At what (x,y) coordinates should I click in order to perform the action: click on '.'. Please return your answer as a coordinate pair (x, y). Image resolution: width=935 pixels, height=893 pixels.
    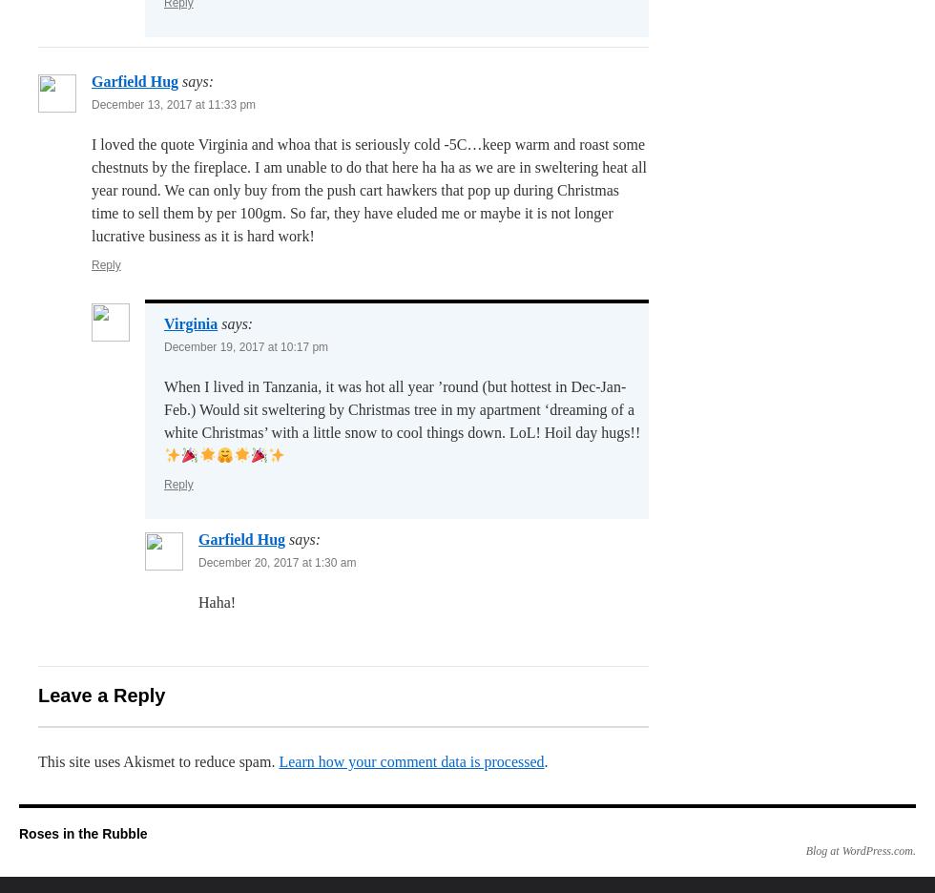
    Looking at the image, I should click on (546, 760).